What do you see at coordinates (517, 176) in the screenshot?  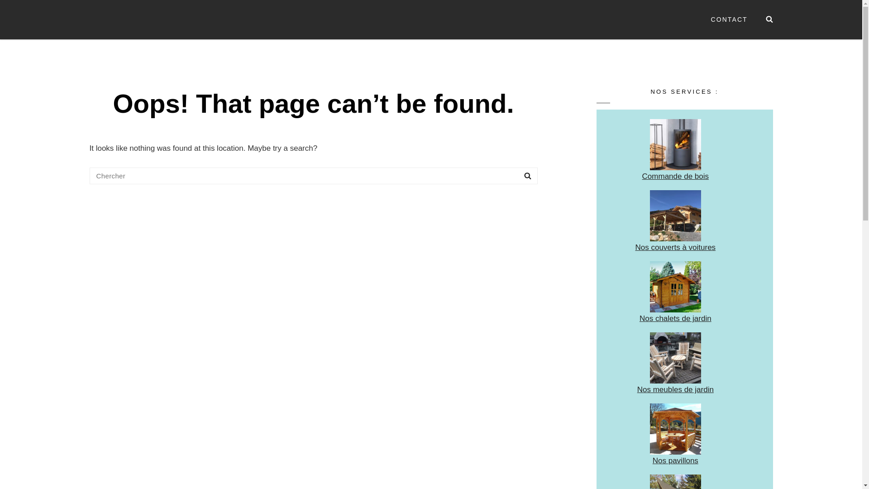 I see `'Search'` at bounding box center [517, 176].